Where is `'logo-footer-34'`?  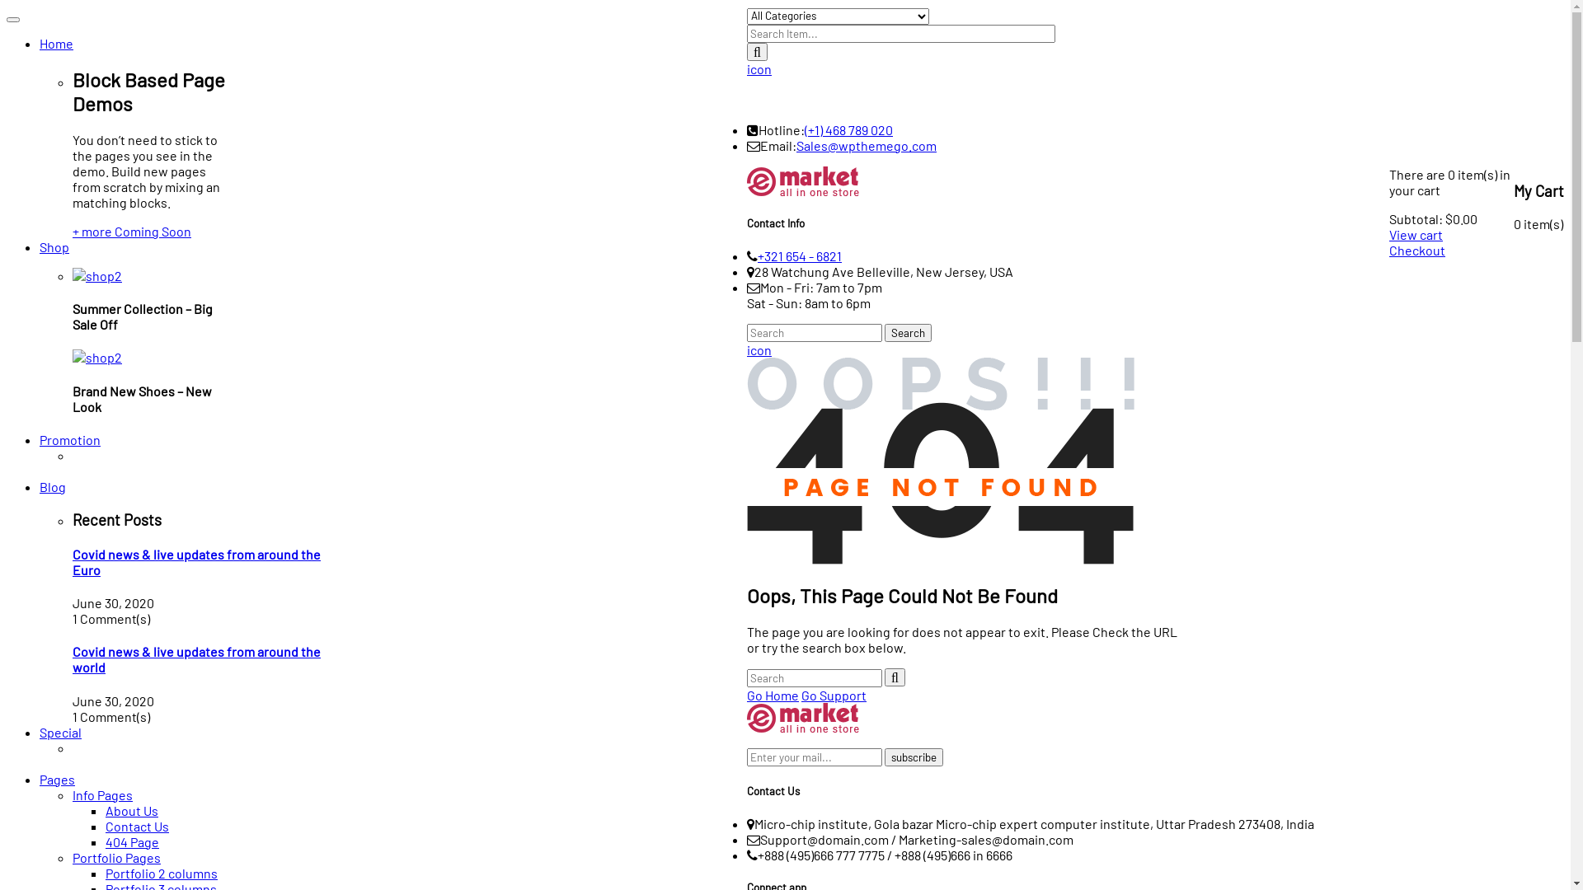
'logo-footer-34' is located at coordinates (803, 717).